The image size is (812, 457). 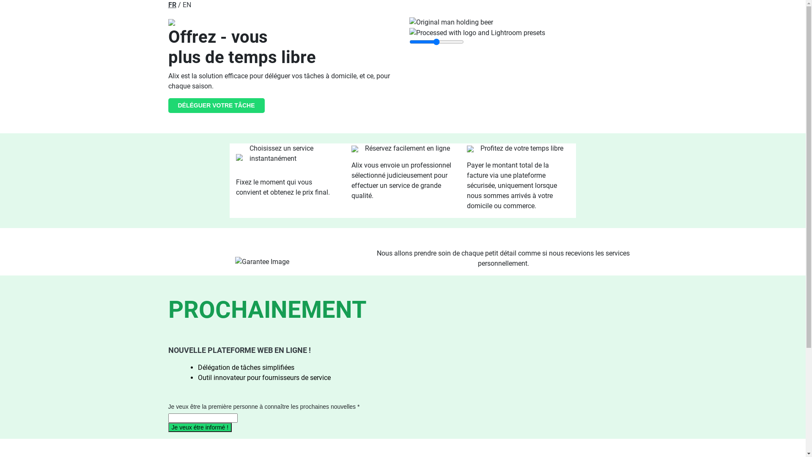 I want to click on 'FR', so click(x=172, y=5).